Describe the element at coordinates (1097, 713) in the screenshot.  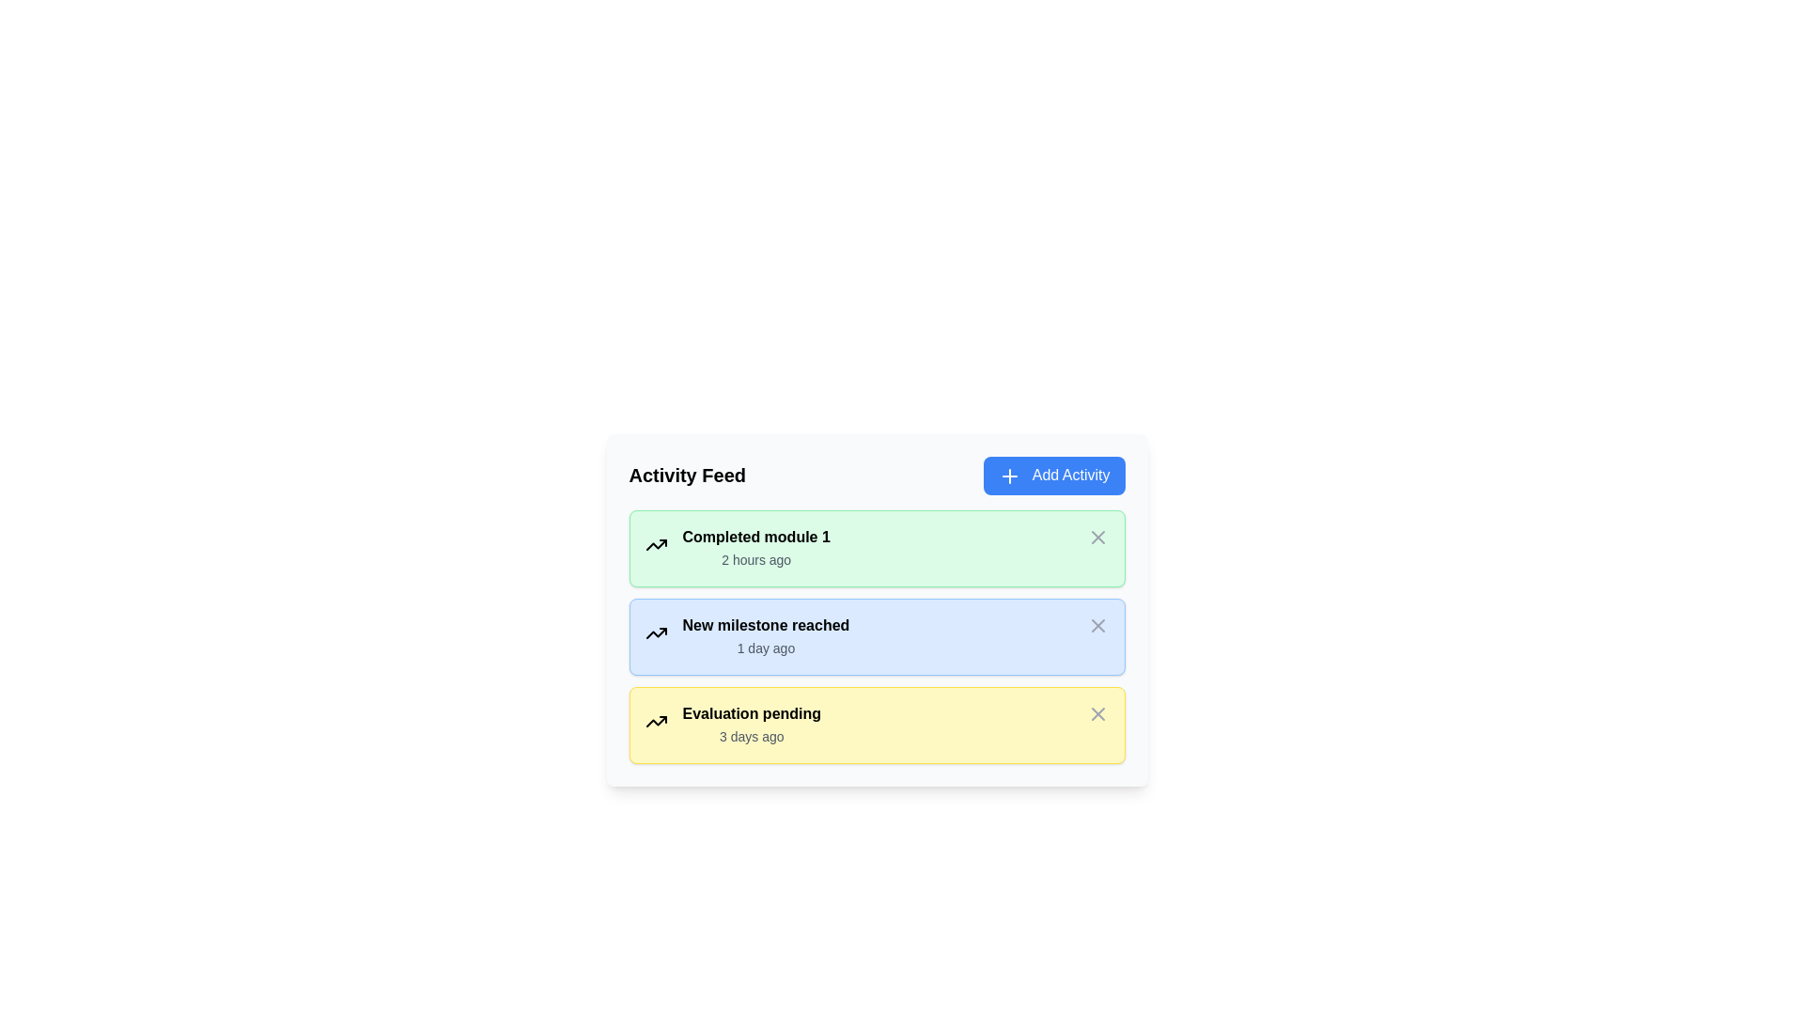
I see `the close button, represented by a gray 'X', located in the top-right corner of the yellow activity card labeled 'Evaluation pending 3 days ago'` at that location.